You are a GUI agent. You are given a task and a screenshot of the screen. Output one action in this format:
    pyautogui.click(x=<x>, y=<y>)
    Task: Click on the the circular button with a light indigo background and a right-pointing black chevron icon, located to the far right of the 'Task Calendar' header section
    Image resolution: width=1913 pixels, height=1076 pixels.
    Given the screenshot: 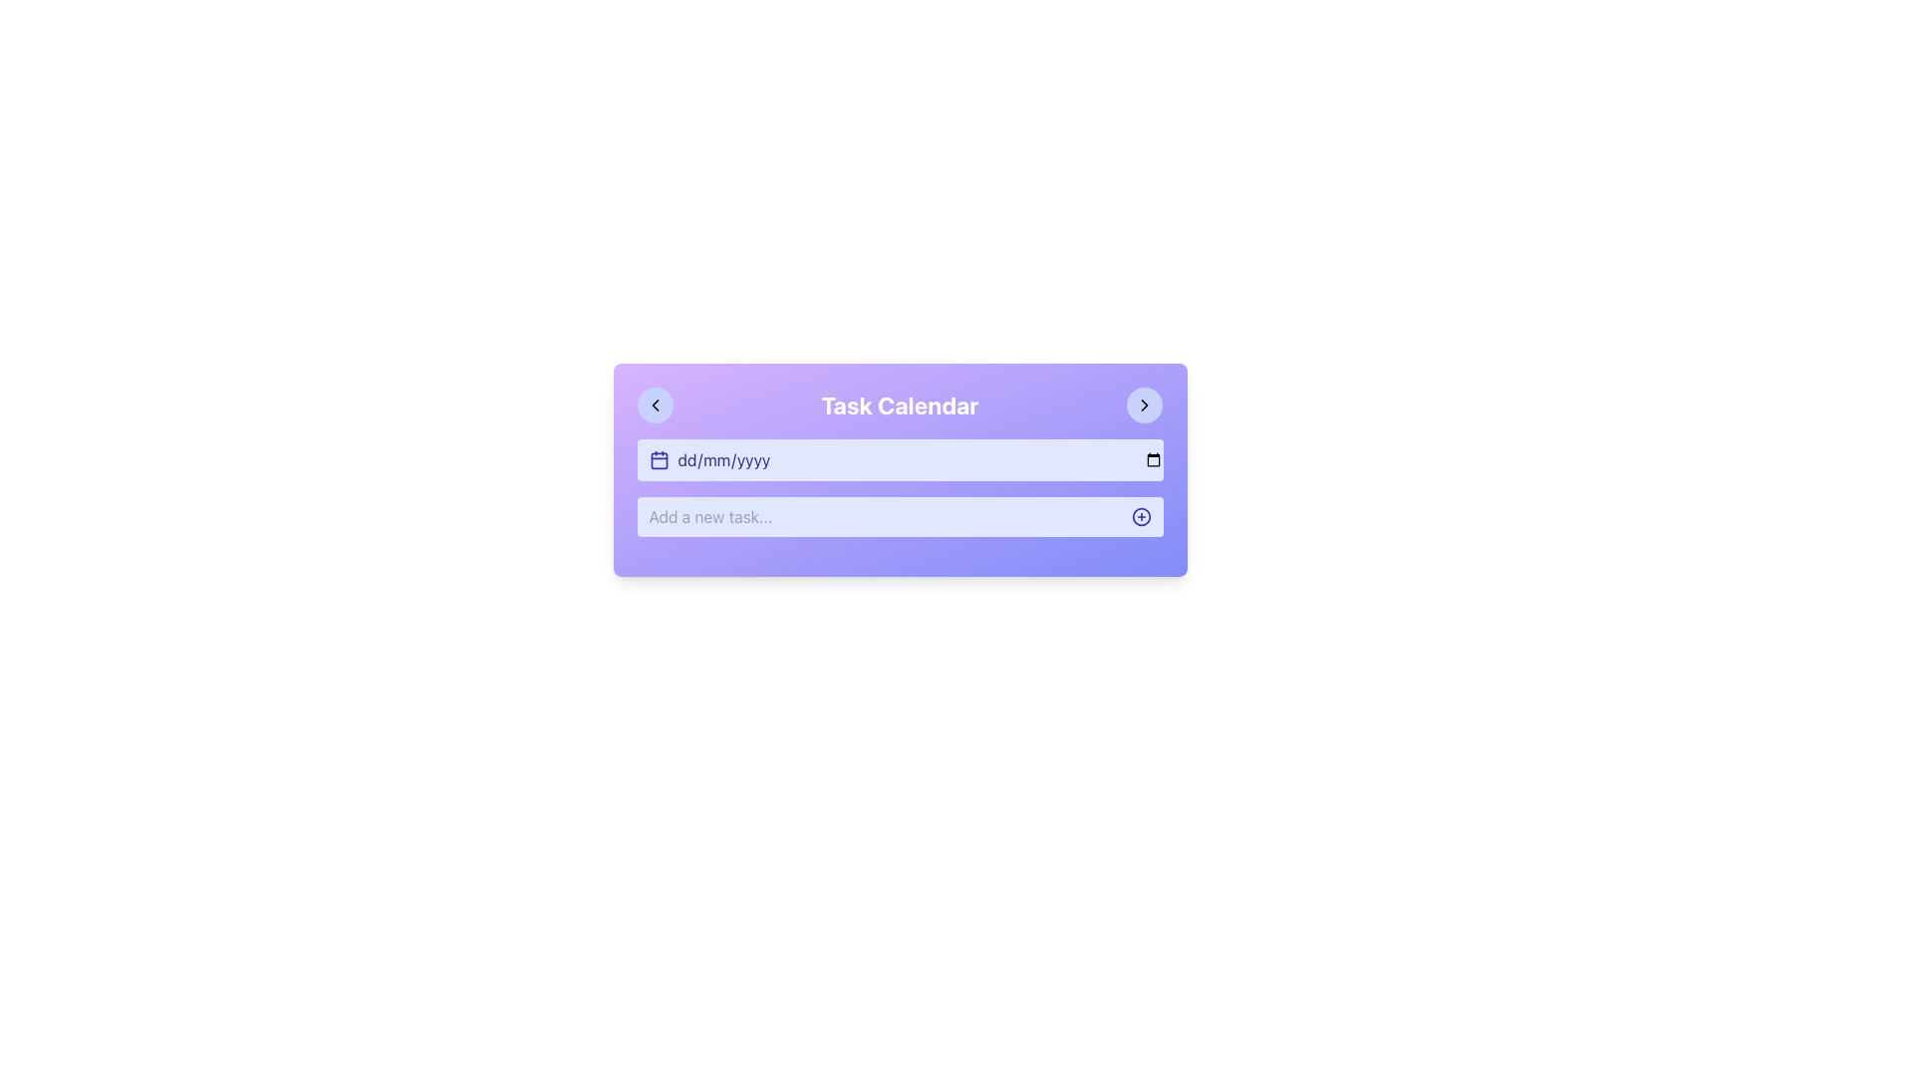 What is the action you would take?
    pyautogui.click(x=1145, y=404)
    